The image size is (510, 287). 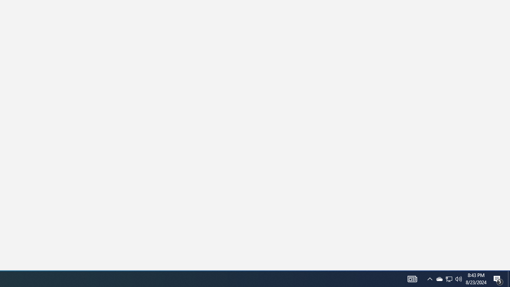 I want to click on 'AutomationID: 4105', so click(x=430, y=278).